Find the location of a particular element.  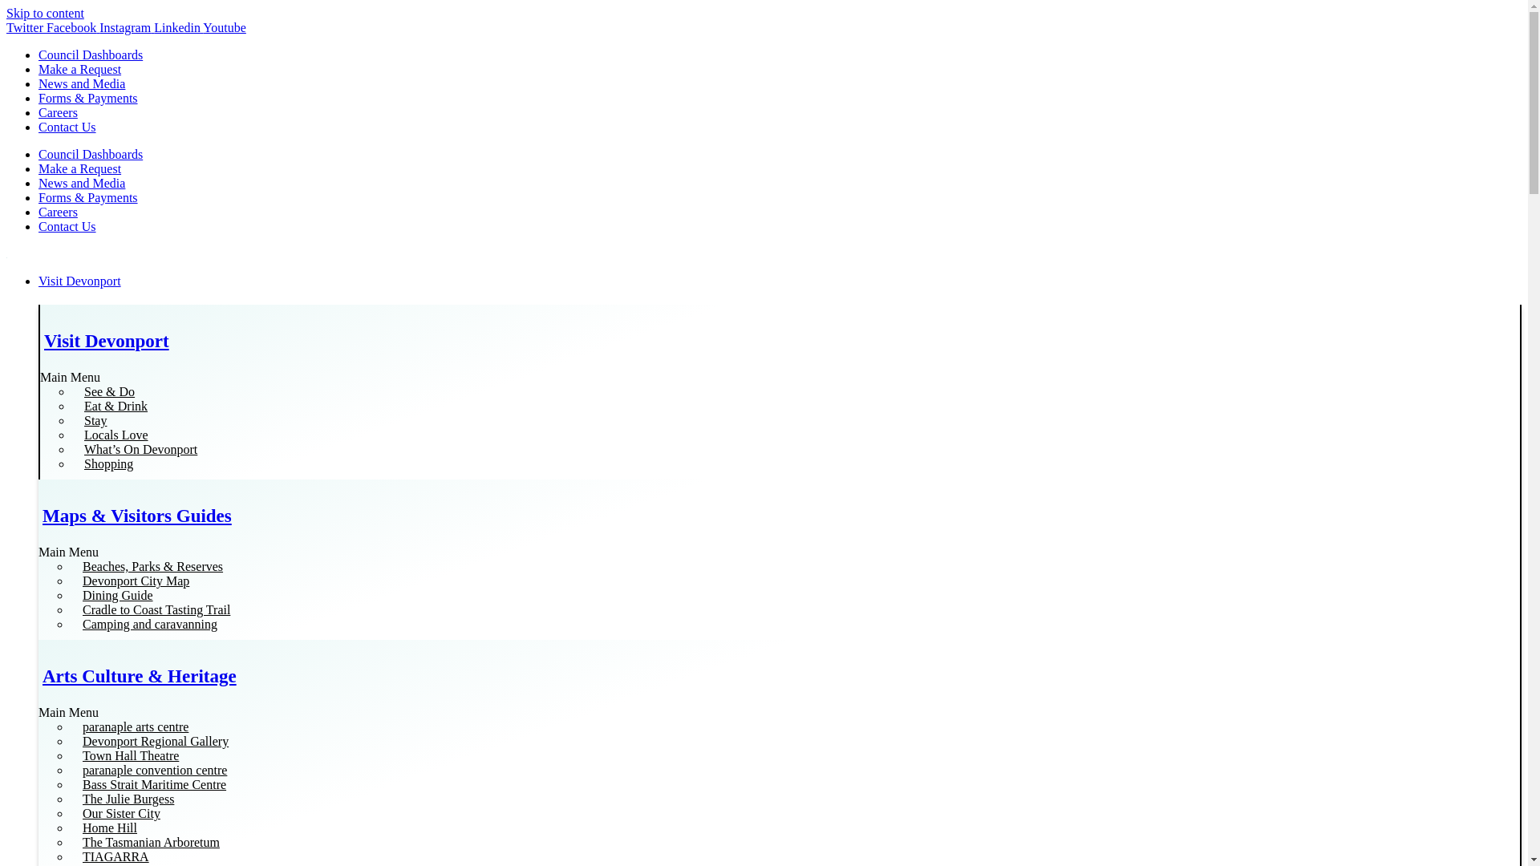

'Locals Love' is located at coordinates (115, 435).